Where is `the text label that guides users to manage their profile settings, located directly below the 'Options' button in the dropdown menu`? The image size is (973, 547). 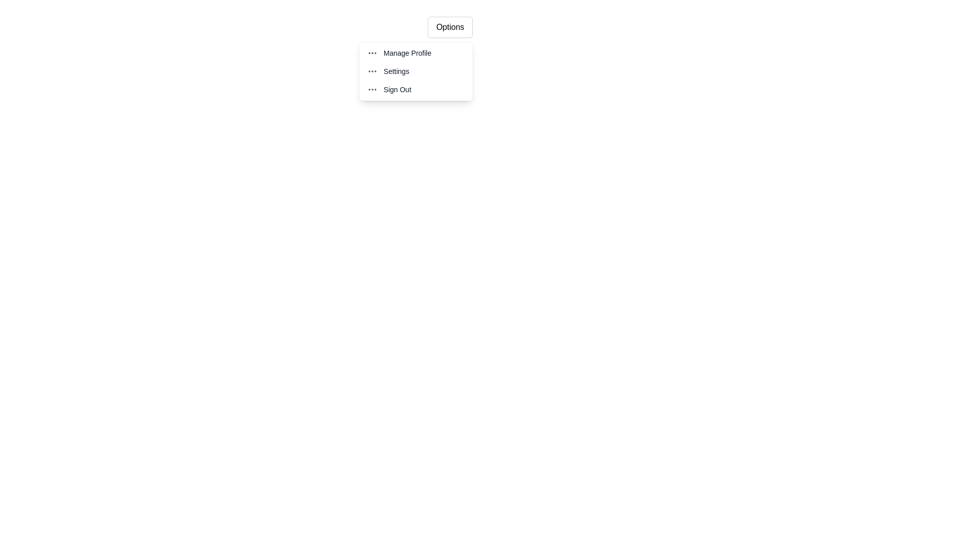
the text label that guides users to manage their profile settings, located directly below the 'Options' button in the dropdown menu is located at coordinates (407, 53).